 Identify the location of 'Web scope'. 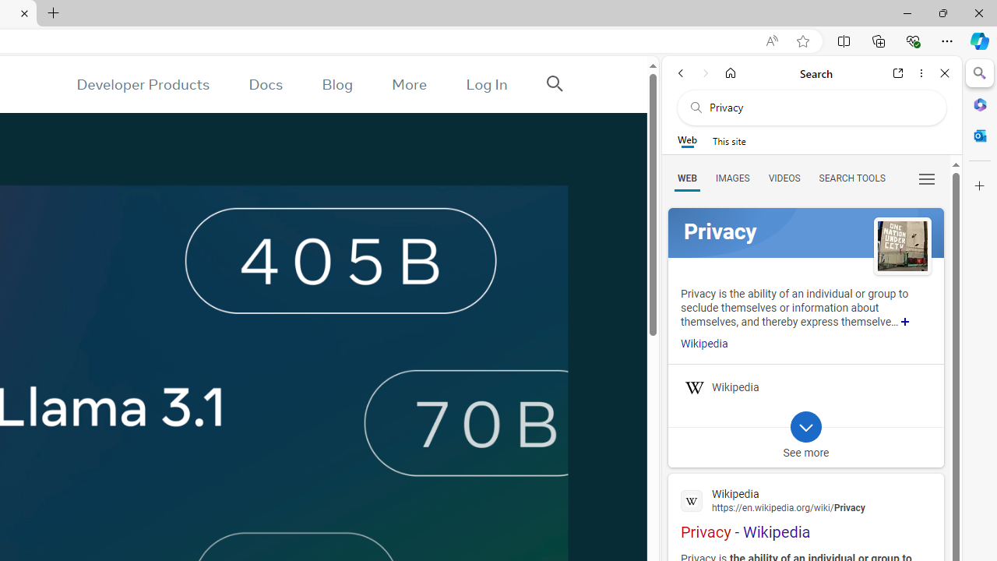
(686, 140).